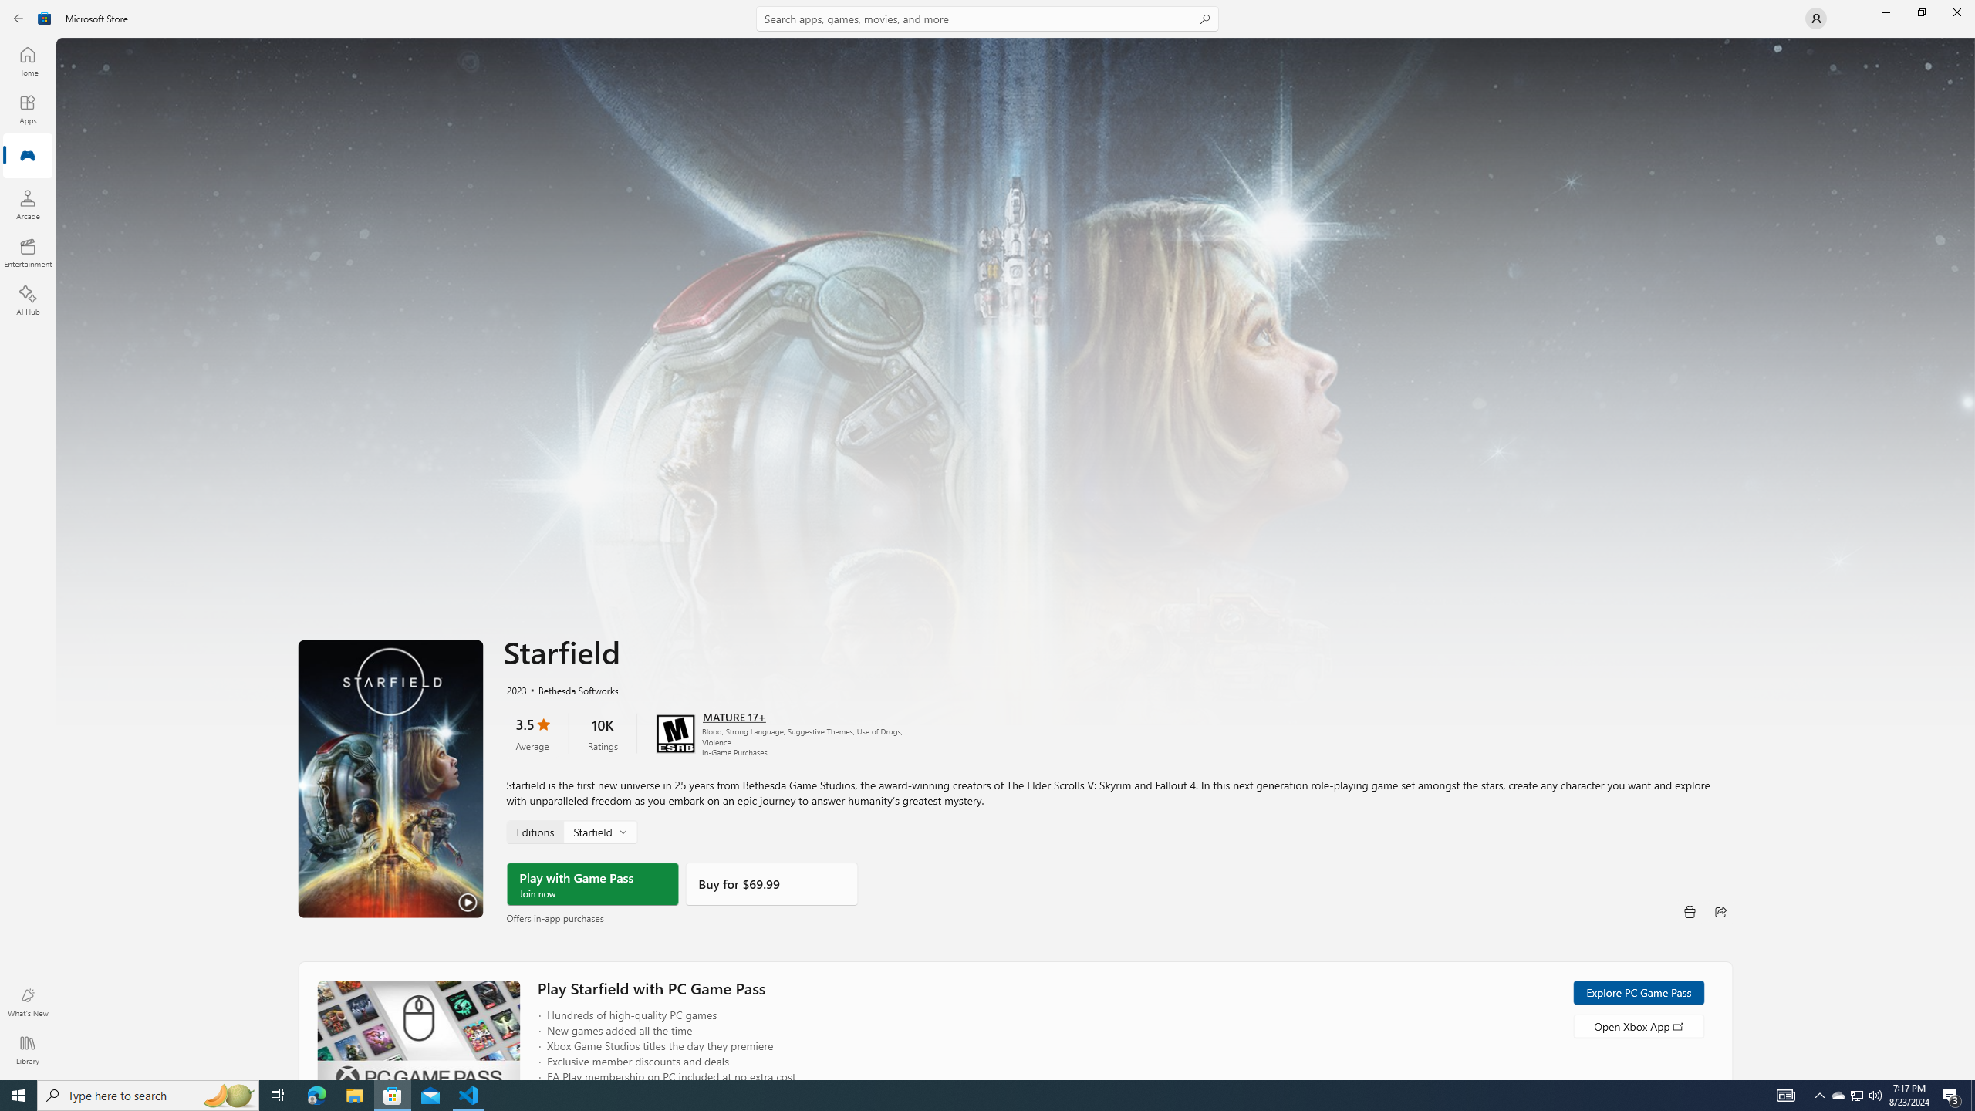 The height and width of the screenshot is (1111, 1975). Describe the element at coordinates (1638, 1025) in the screenshot. I see `'Open Xbox App'` at that location.